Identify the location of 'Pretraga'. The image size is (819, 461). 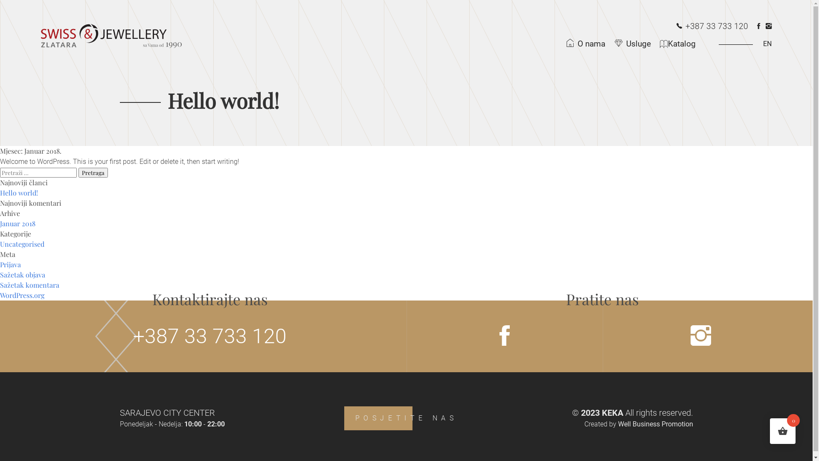
(93, 172).